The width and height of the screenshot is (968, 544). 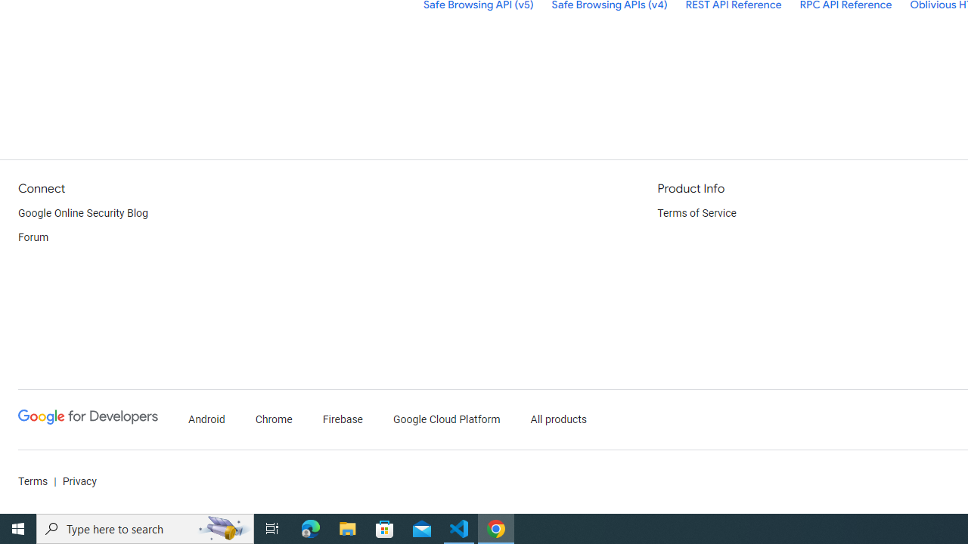 I want to click on 'Firebase', so click(x=342, y=419).